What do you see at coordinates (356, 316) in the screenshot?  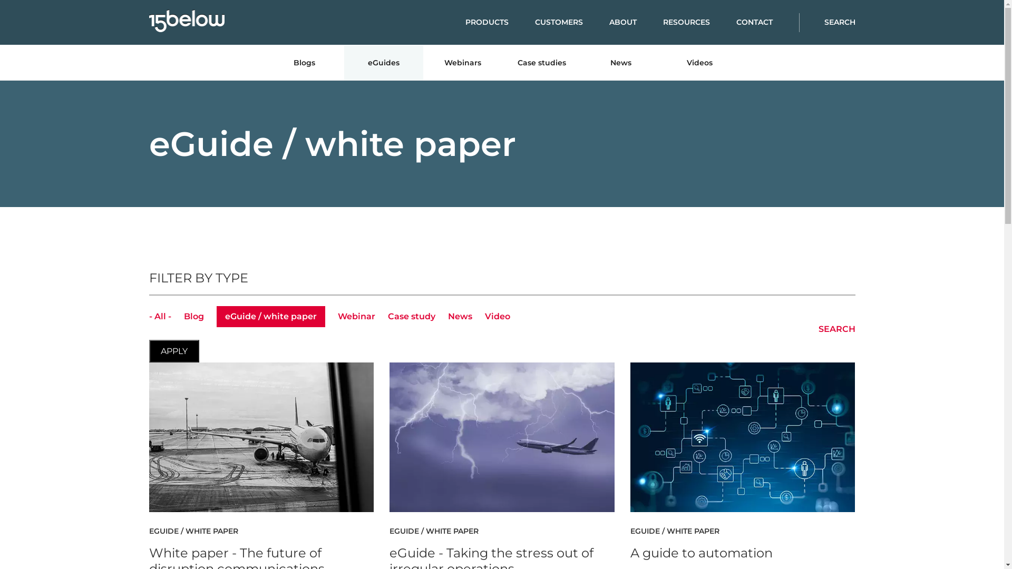 I see `'Webinar'` at bounding box center [356, 316].